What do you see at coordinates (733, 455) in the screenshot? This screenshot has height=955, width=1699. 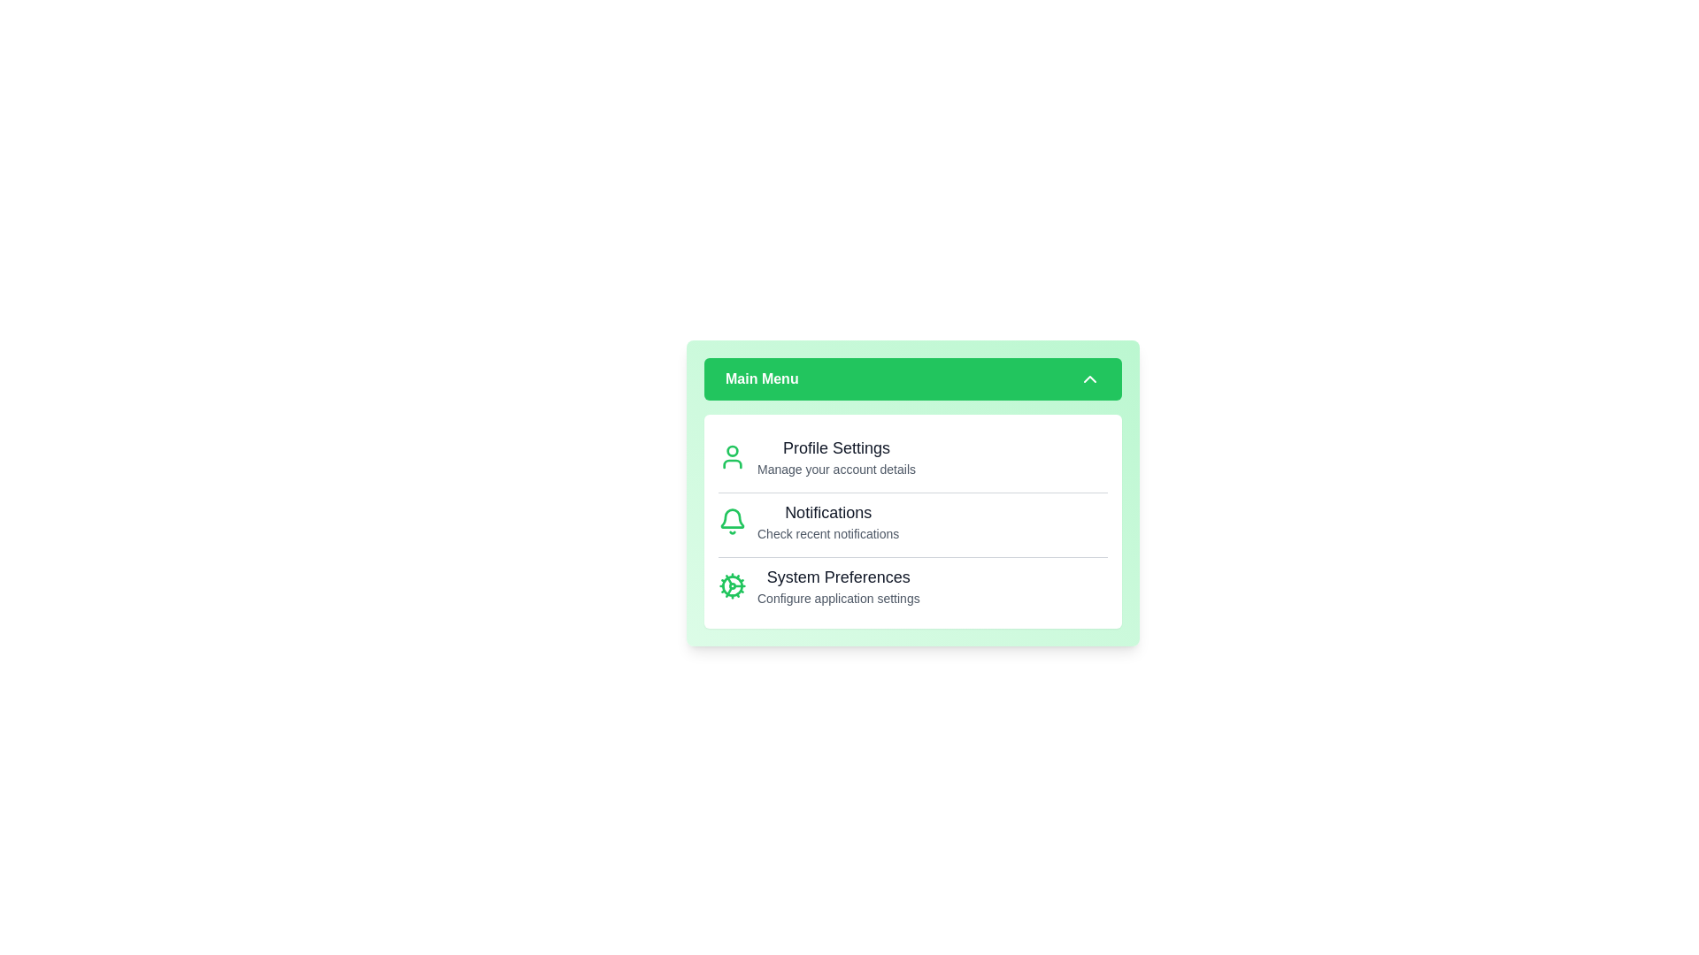 I see `the icon for Profile Settings to interact with it` at bounding box center [733, 455].